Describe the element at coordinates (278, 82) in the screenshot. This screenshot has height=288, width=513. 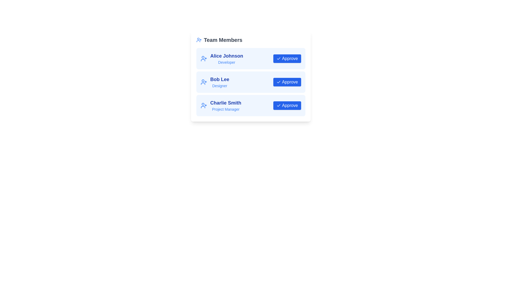
I see `the checkmark icon within the 'Approve' button associated with Bob Lee's profile in the team members list` at that location.